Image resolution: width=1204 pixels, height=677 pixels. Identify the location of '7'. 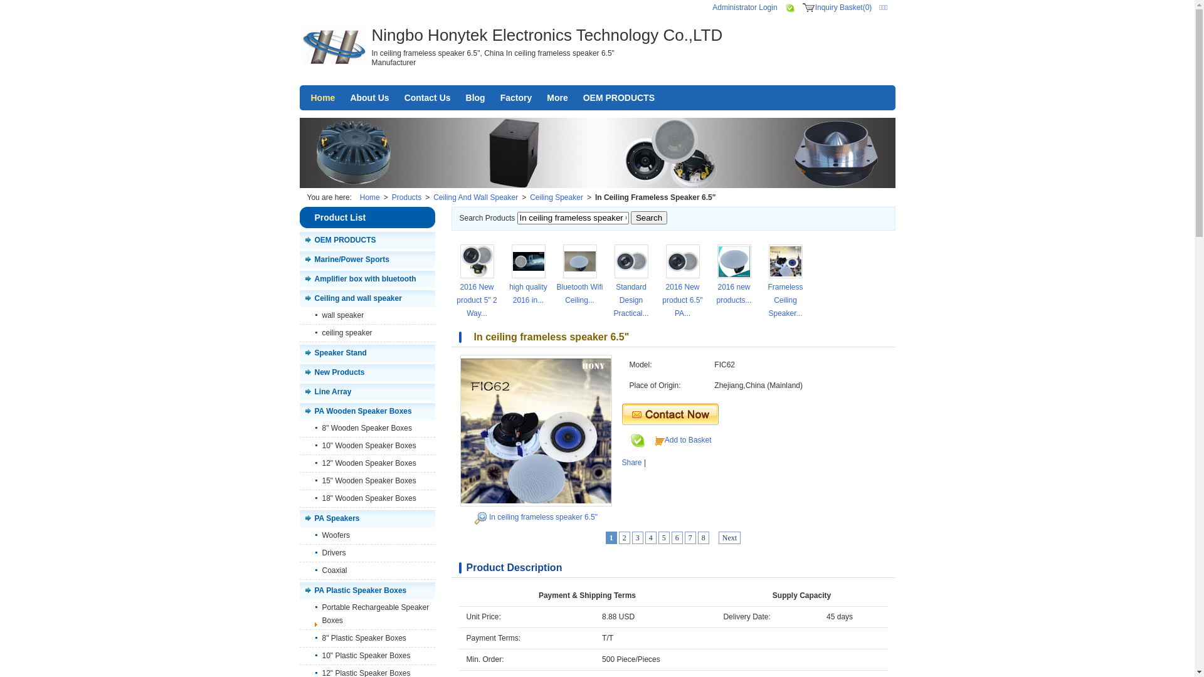
(689, 537).